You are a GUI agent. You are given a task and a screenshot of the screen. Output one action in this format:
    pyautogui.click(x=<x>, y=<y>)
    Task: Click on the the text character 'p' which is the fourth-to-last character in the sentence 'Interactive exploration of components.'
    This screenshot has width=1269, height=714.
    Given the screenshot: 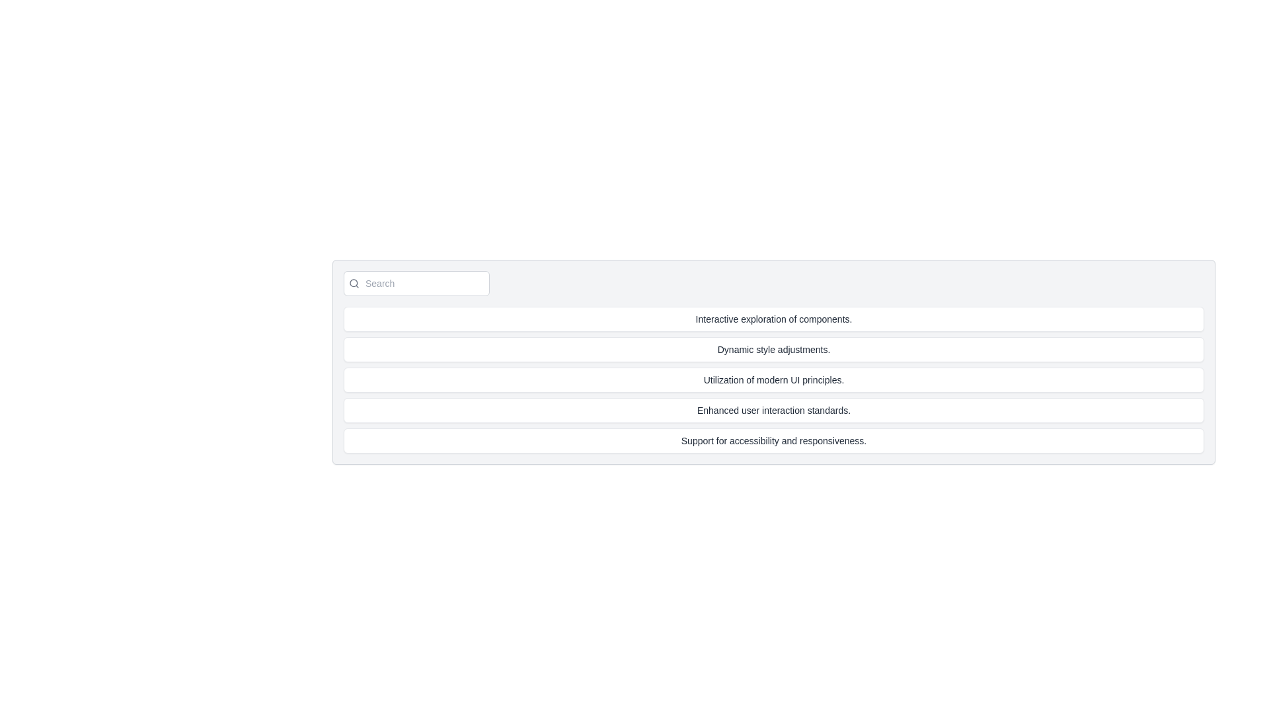 What is the action you would take?
    pyautogui.click(x=818, y=319)
    